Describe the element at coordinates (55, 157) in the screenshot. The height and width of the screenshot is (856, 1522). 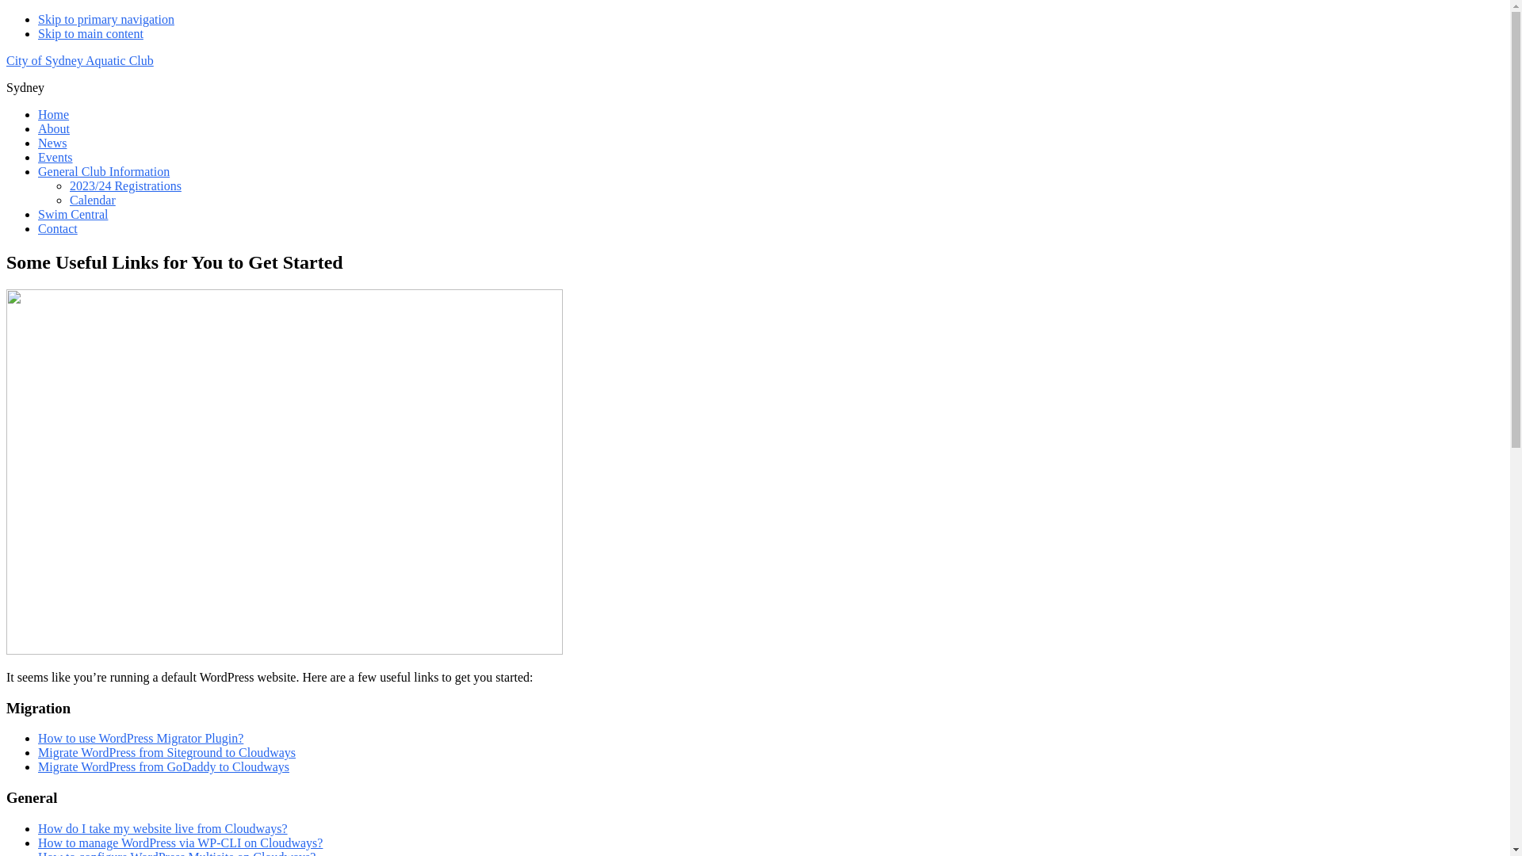
I see `'Events'` at that location.